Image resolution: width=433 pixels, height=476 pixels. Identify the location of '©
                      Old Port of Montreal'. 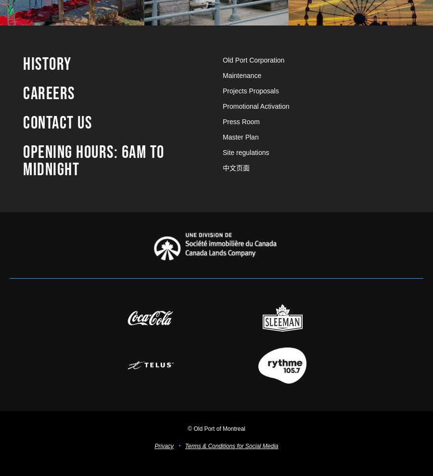
(216, 428).